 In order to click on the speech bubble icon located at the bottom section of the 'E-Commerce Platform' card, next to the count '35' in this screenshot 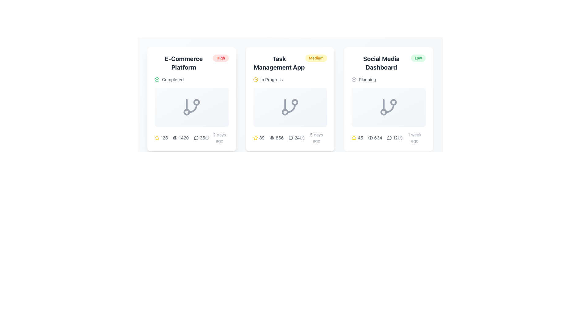, I will do `click(196, 138)`.